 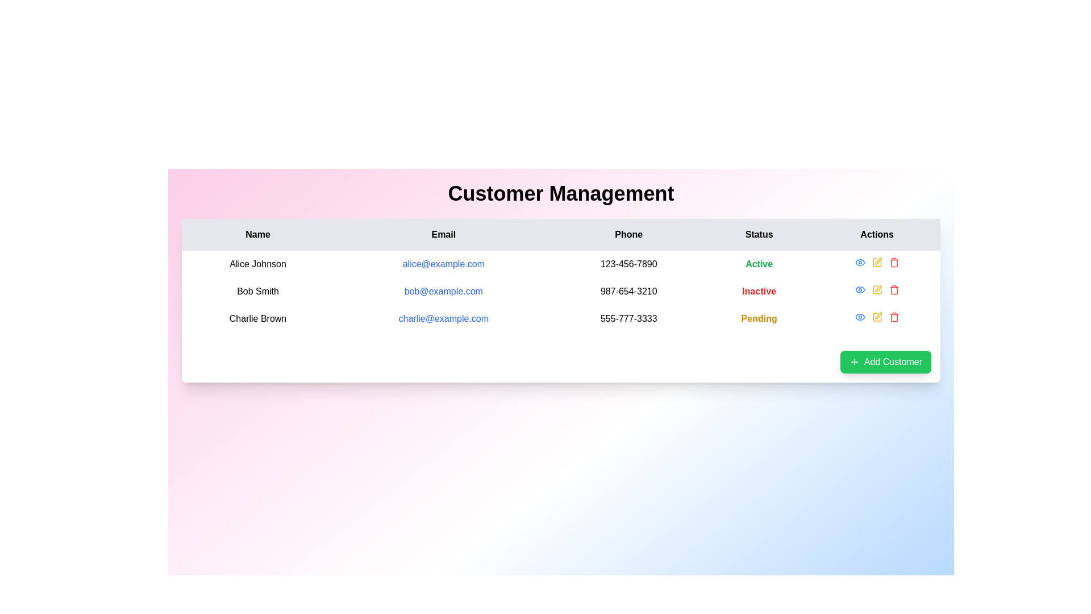 What do you see at coordinates (876, 317) in the screenshot?
I see `the edit icon located in the Actions column for the third row entry describing Charlie Brown` at bounding box center [876, 317].